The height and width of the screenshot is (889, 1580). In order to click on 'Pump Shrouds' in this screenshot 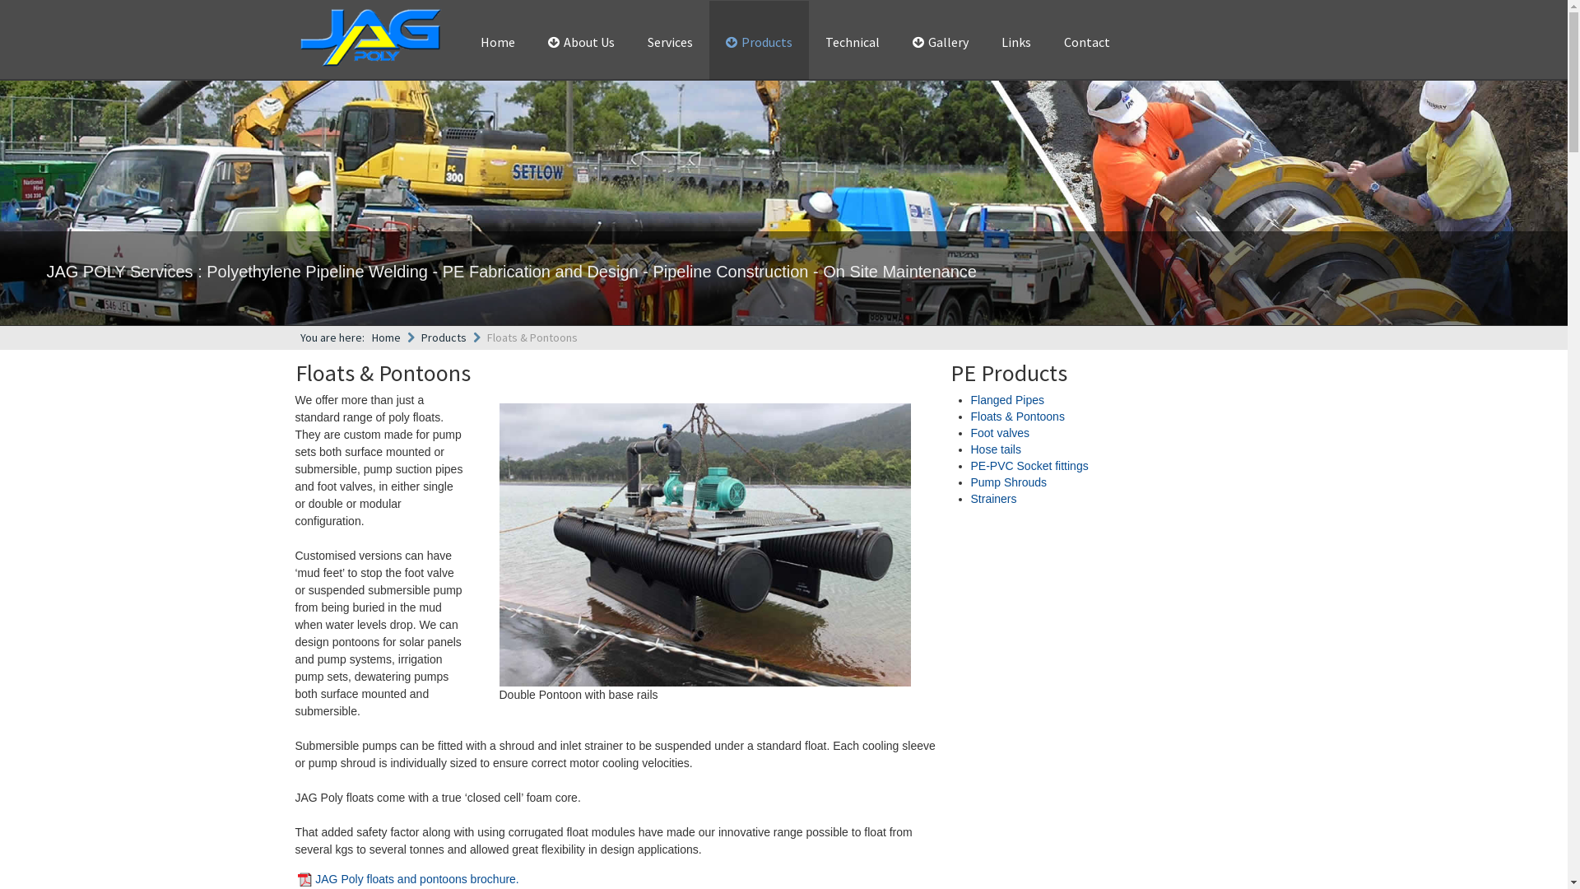, I will do `click(1008, 482)`.